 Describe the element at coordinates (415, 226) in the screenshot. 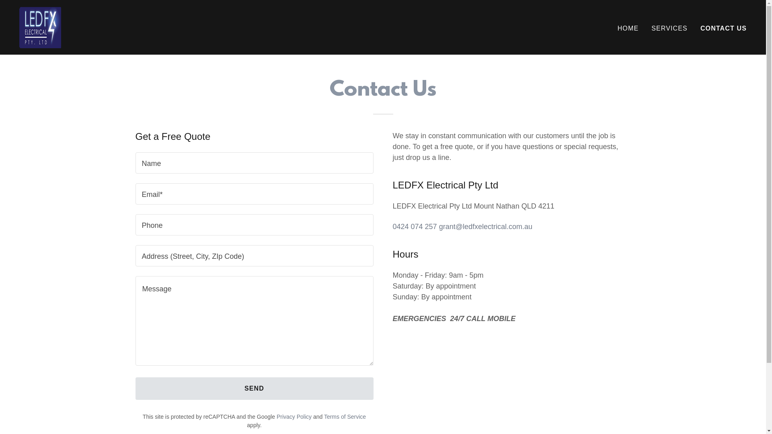

I see `'0424 074 257'` at that location.